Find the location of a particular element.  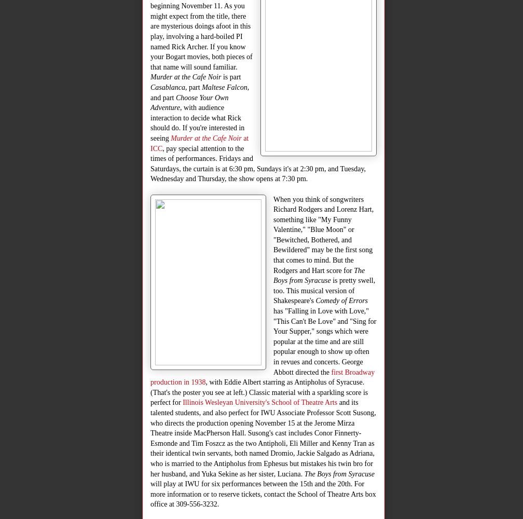

', with Eddie Albert starring as Antipholus of Syracuse. (That's the poster you see at left.) Classic material with a sparkling score is perfect for' is located at coordinates (259, 392).